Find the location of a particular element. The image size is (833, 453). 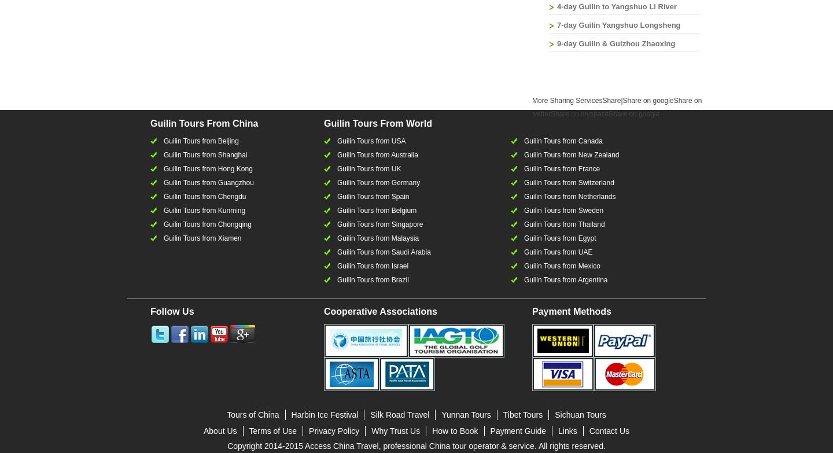

'Guilin Tours from Mexico' is located at coordinates (561, 266).